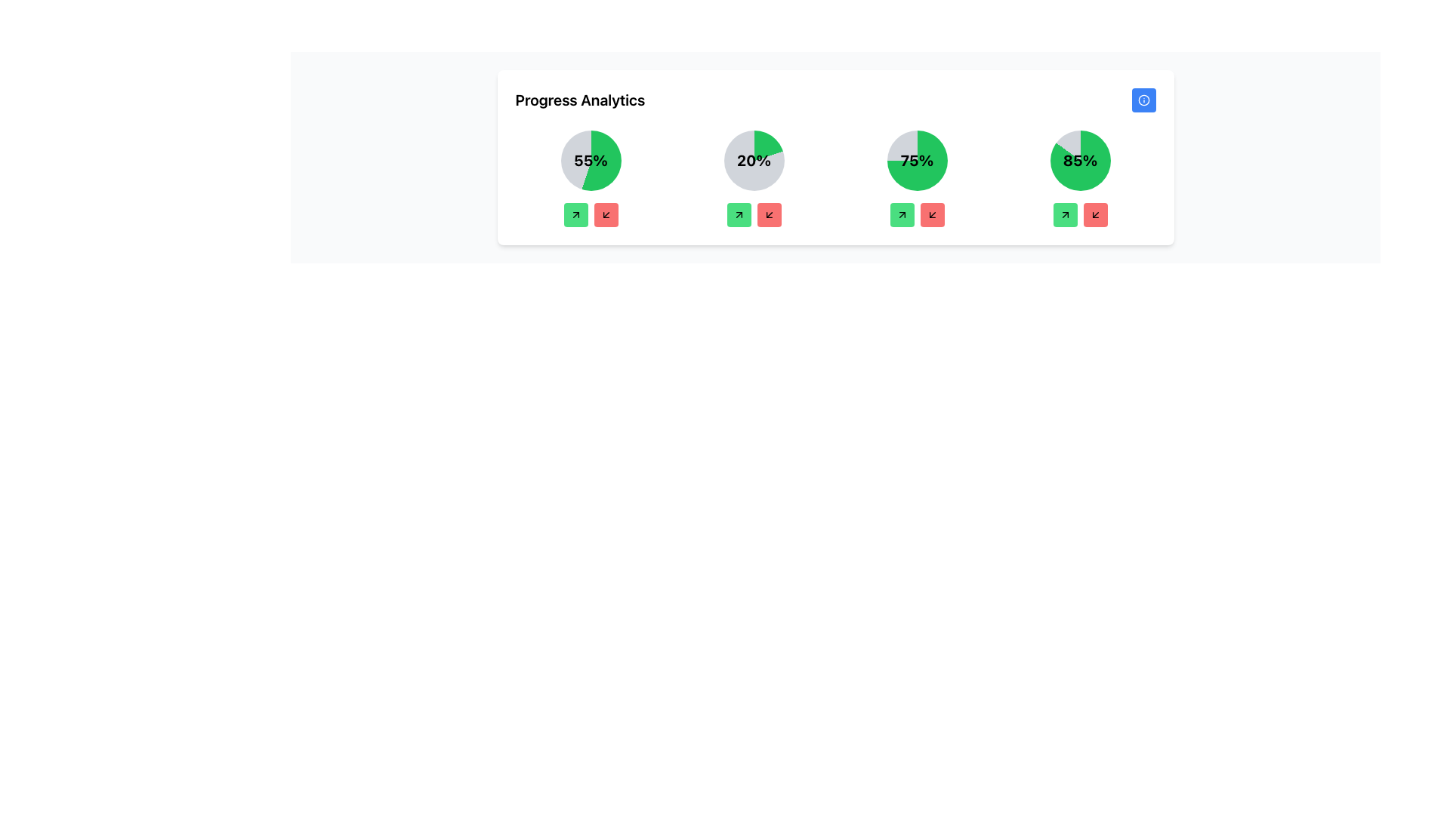 The width and height of the screenshot is (1450, 815). What do you see at coordinates (739, 215) in the screenshot?
I see `the SVG Icon styled as an arrow pointing up and to the right, which is located within a green circular button under the '20%' progress chart segment` at bounding box center [739, 215].